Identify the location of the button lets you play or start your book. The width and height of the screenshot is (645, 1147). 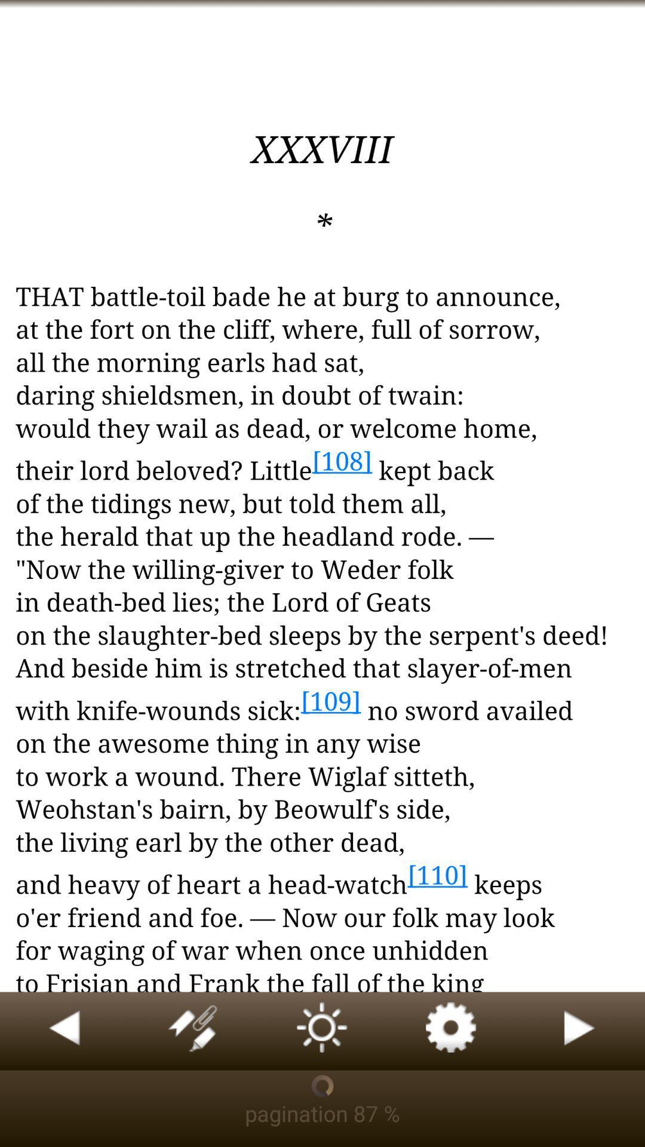
(580, 1031).